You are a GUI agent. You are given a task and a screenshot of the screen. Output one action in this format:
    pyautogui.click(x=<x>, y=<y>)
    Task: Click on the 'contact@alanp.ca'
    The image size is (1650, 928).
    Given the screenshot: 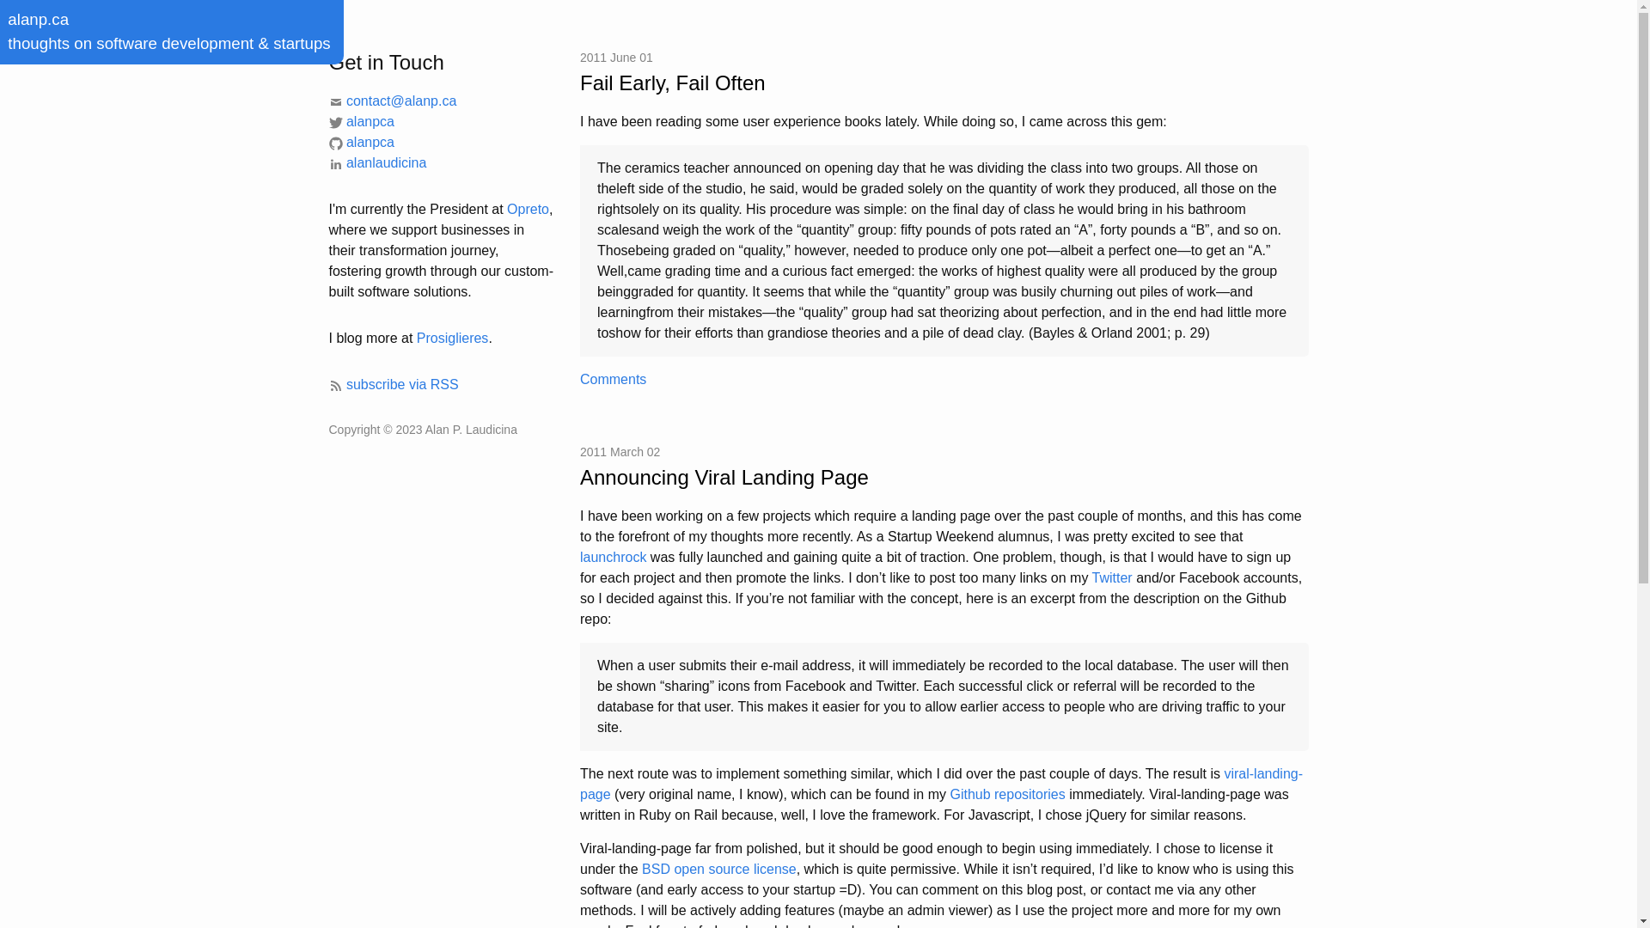 What is the action you would take?
    pyautogui.click(x=391, y=101)
    